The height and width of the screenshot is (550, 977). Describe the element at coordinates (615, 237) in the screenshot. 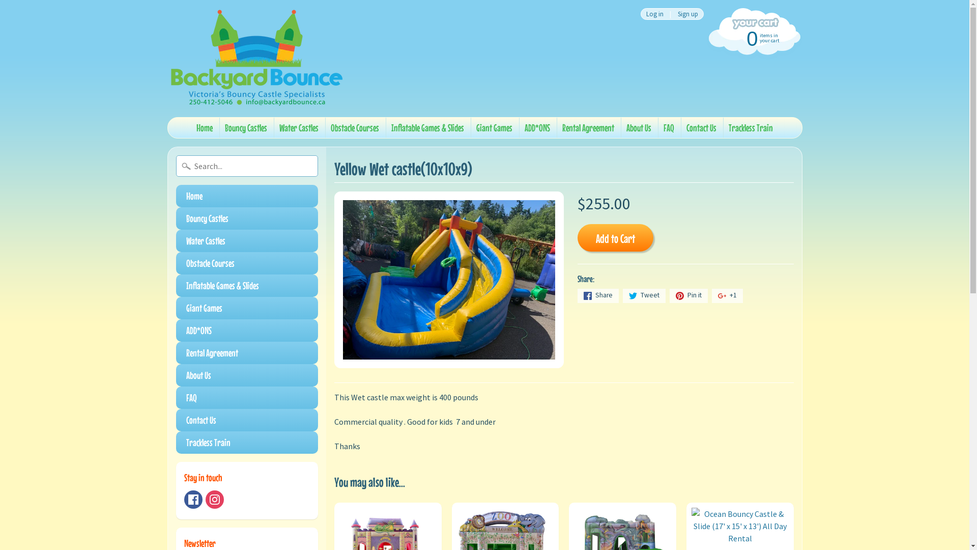

I see `'Add to Cart'` at that location.